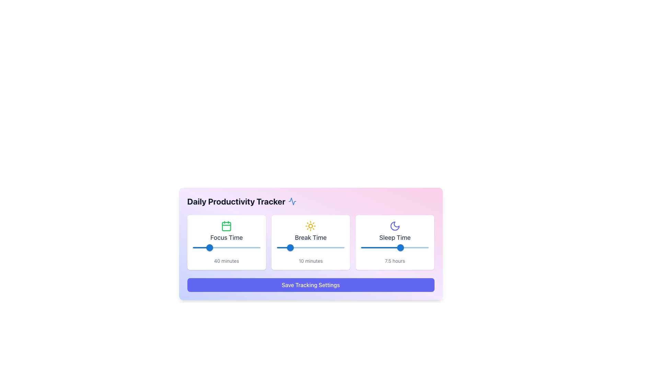 The width and height of the screenshot is (659, 370). I want to click on the Sleep Time icon located in the rightmost box of the three-section card layout, just above the label 'Sleep Time', so click(395, 226).